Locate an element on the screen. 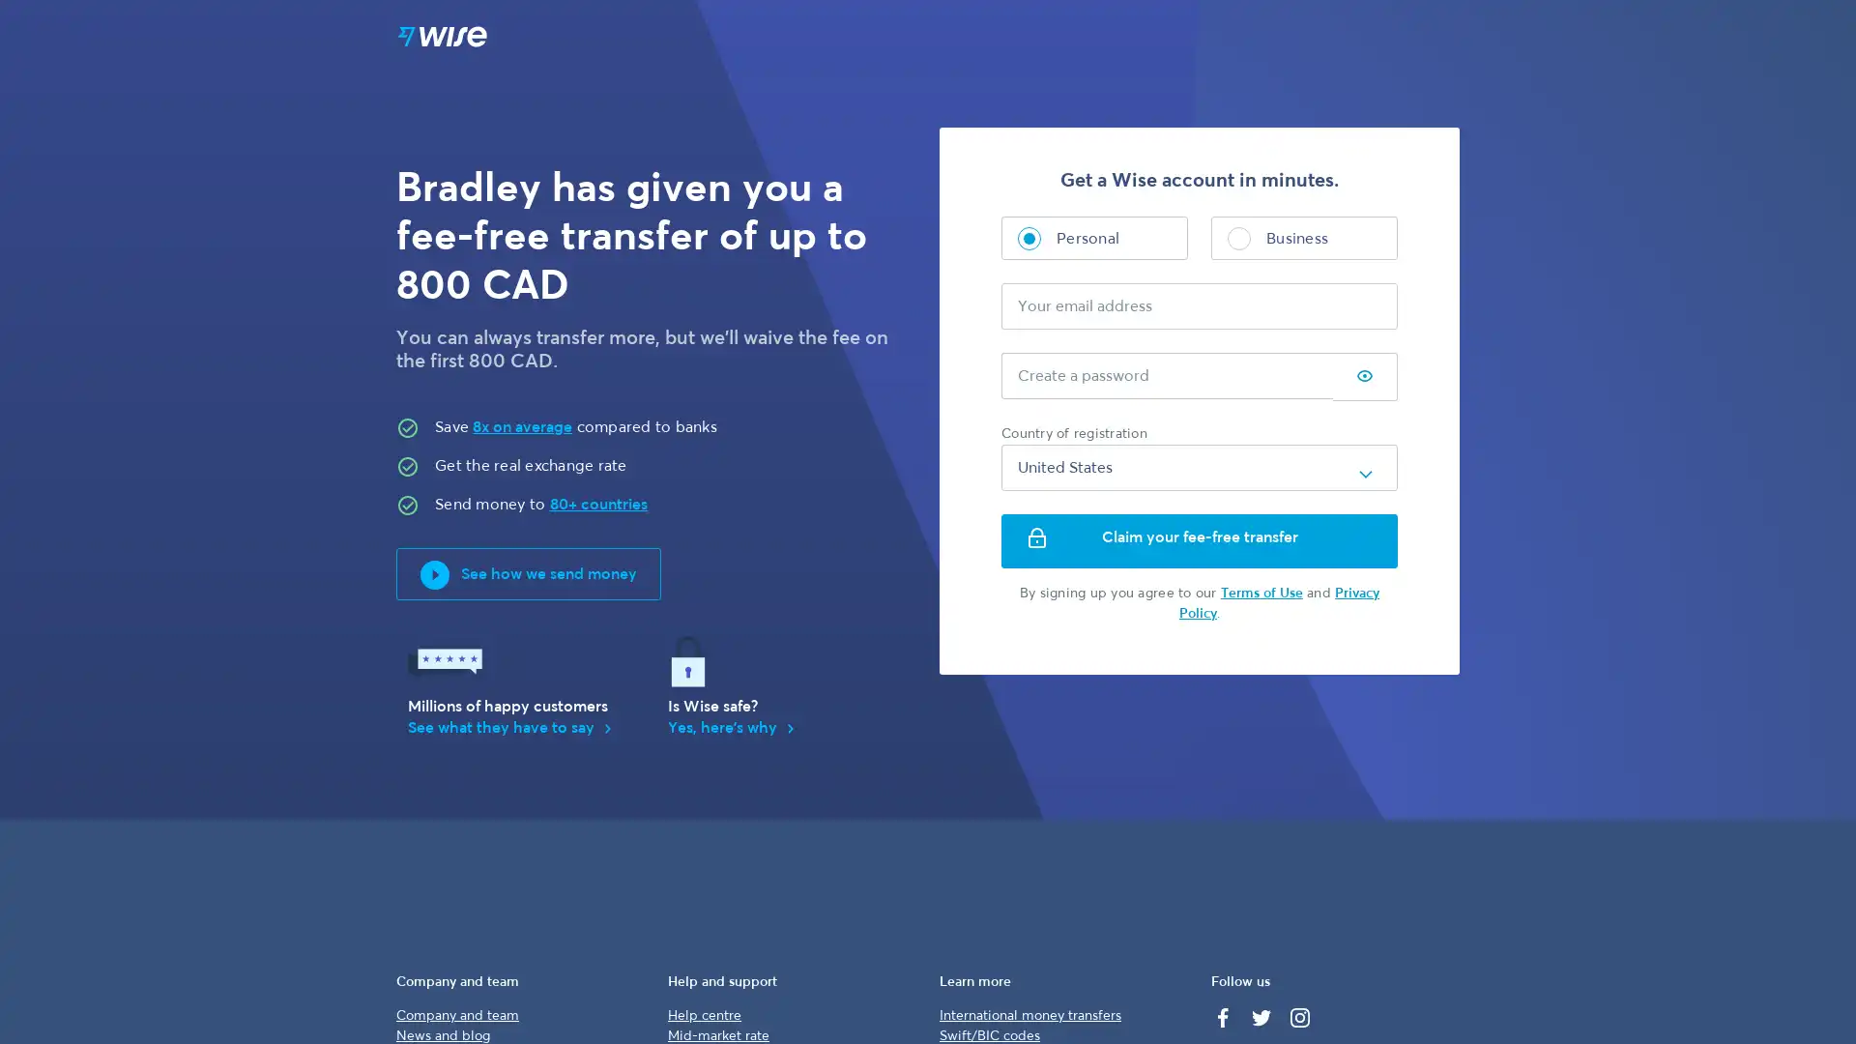 This screenshot has height=1044, width=1856. Show password is located at coordinates (1363, 377).